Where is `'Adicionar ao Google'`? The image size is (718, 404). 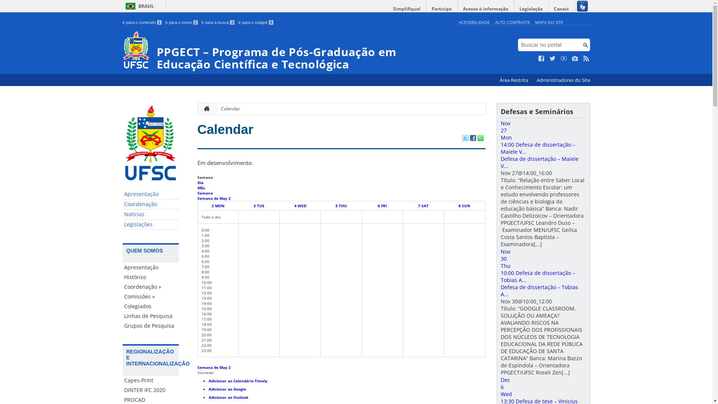 'Adicionar ao Google' is located at coordinates (227, 389).